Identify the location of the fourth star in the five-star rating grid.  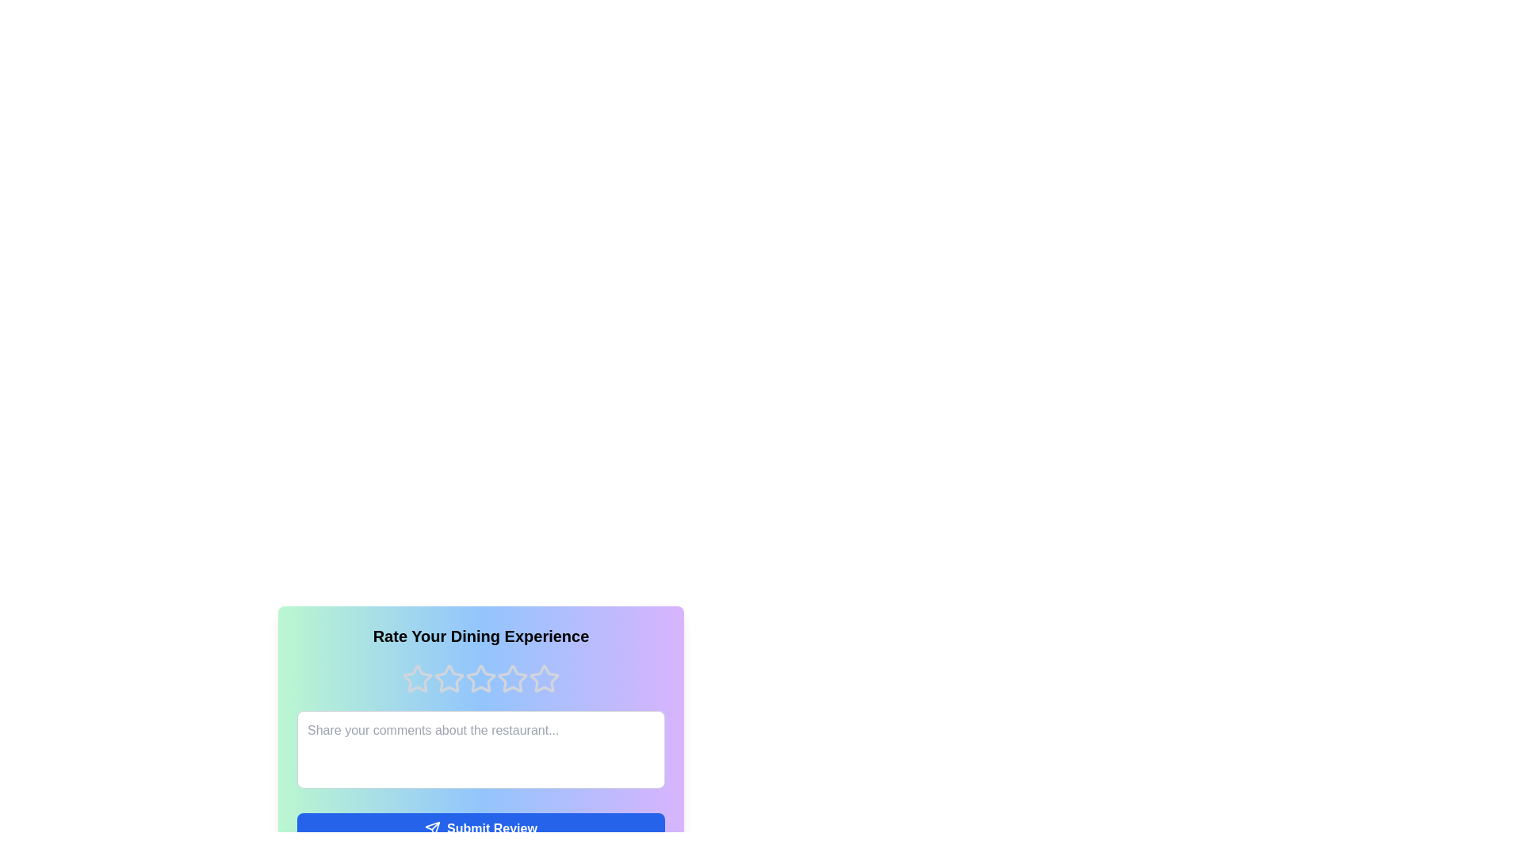
(544, 678).